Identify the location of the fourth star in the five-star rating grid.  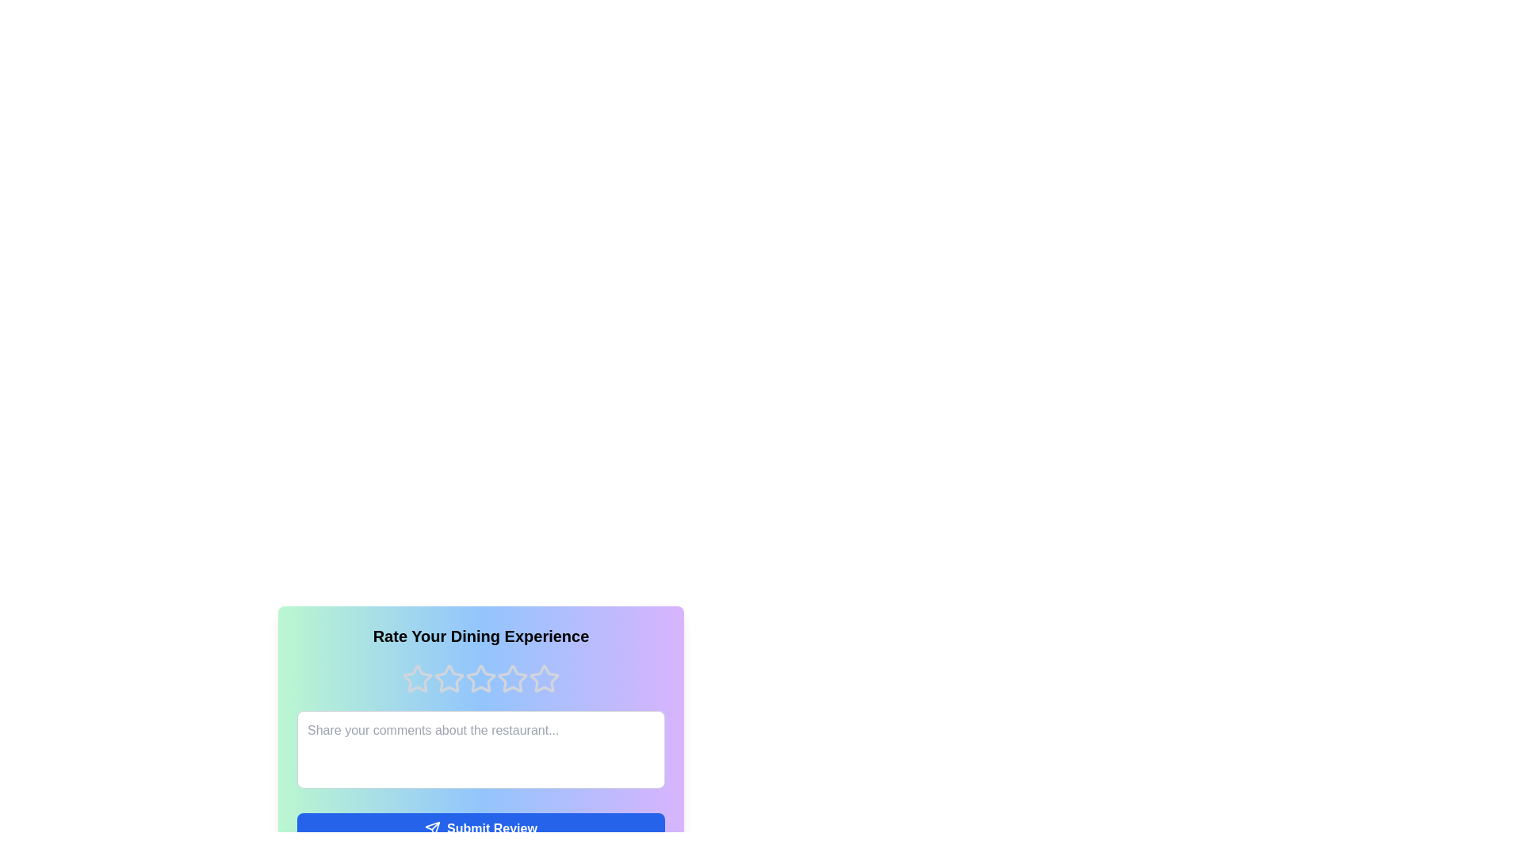
(544, 678).